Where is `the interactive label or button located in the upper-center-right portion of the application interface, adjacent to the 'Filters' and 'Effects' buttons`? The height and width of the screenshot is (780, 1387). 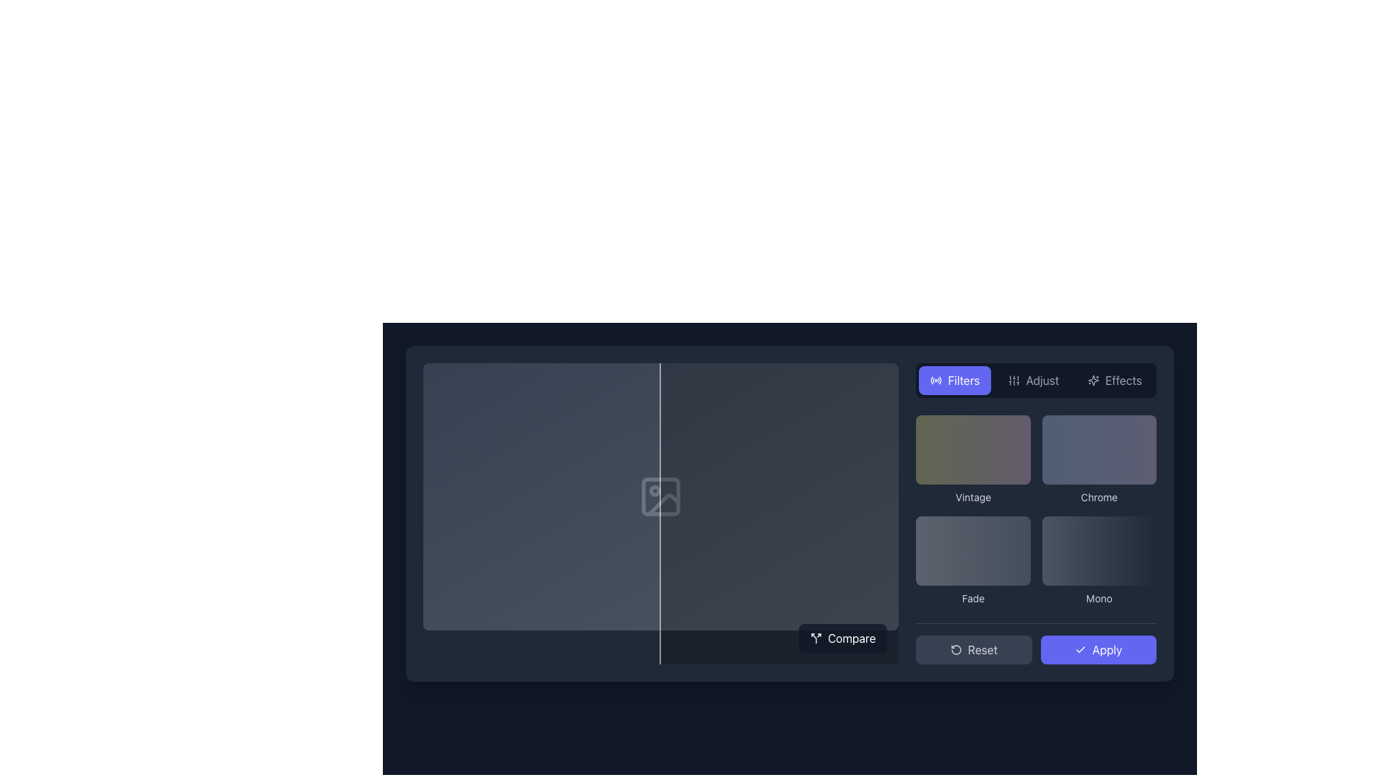 the interactive label or button located in the upper-center-right portion of the application interface, adjacent to the 'Filters' and 'Effects' buttons is located at coordinates (1042, 380).